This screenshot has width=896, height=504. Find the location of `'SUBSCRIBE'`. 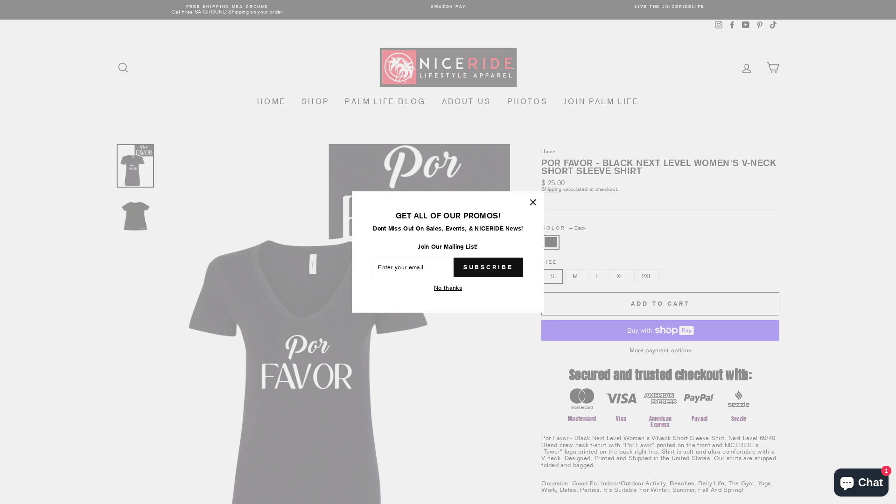

'SUBSCRIBE' is located at coordinates (453, 267).